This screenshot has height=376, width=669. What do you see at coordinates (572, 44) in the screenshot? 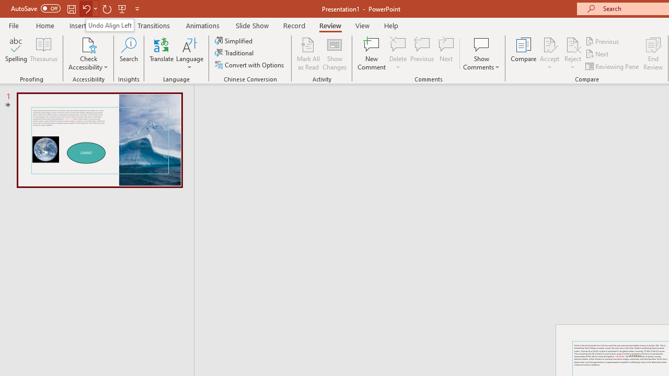
I see `'Reject Change'` at bounding box center [572, 44].